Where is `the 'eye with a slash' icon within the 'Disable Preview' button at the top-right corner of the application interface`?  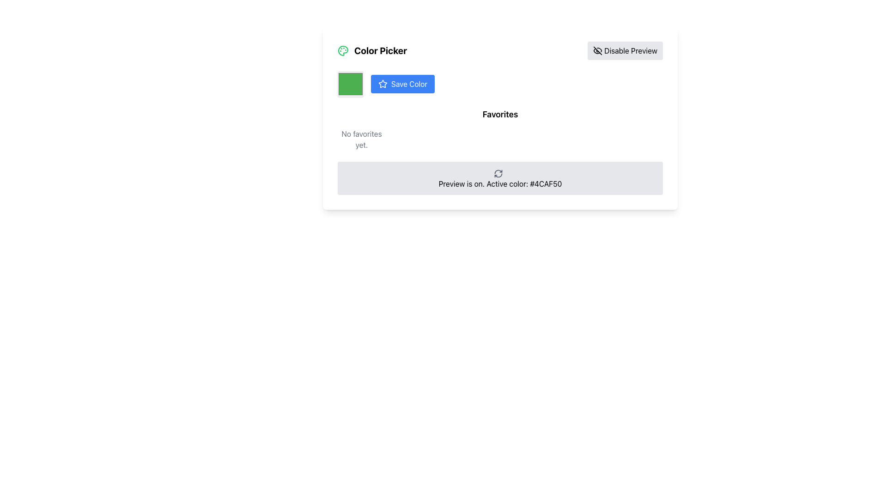 the 'eye with a slash' icon within the 'Disable Preview' button at the top-right corner of the application interface is located at coordinates (598, 51).